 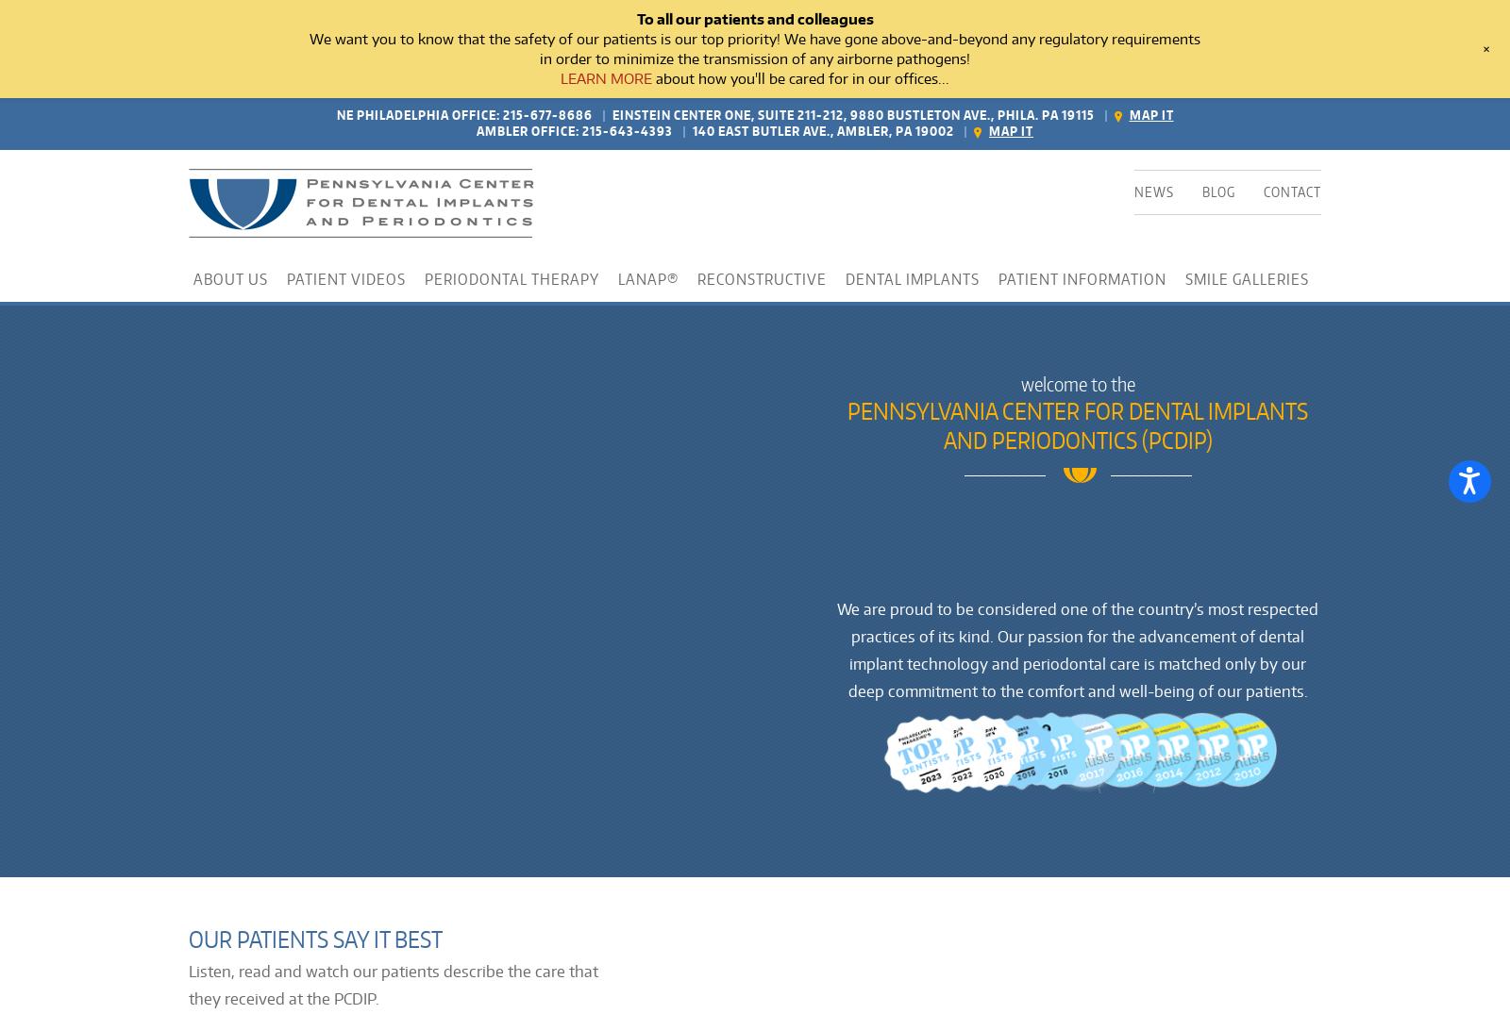 I want to click on 'about how you'll be cared for in our offices...', so click(x=799, y=78).